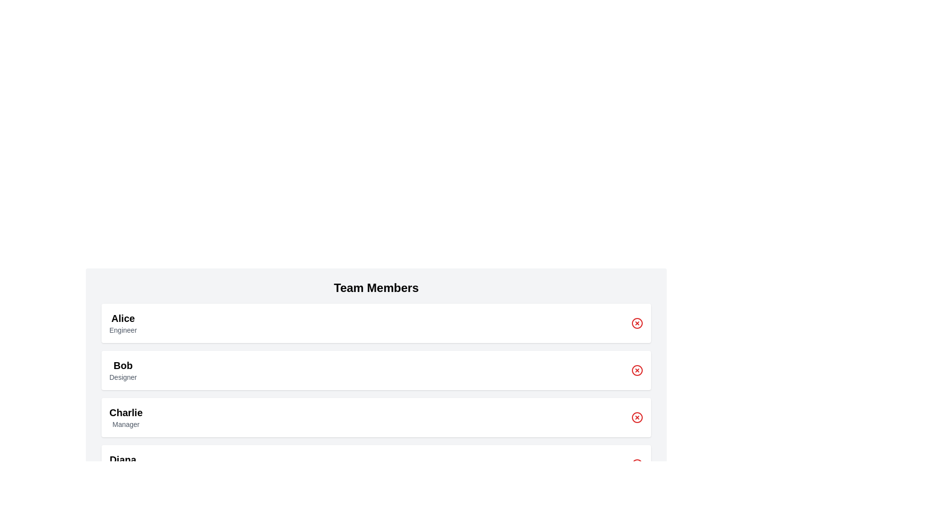  What do you see at coordinates (122, 460) in the screenshot?
I see `the text label displaying the name 'Diana' in the team member list, which is located at the bottom of the vertical user list under the entry for 'Charlie'` at bounding box center [122, 460].